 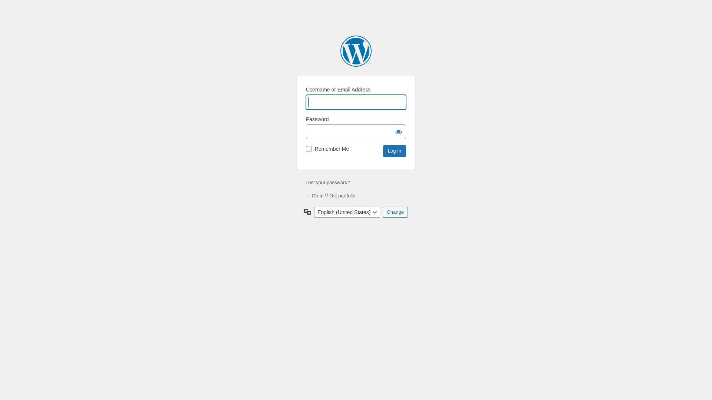 What do you see at coordinates (395, 212) in the screenshot?
I see `'Change'` at bounding box center [395, 212].